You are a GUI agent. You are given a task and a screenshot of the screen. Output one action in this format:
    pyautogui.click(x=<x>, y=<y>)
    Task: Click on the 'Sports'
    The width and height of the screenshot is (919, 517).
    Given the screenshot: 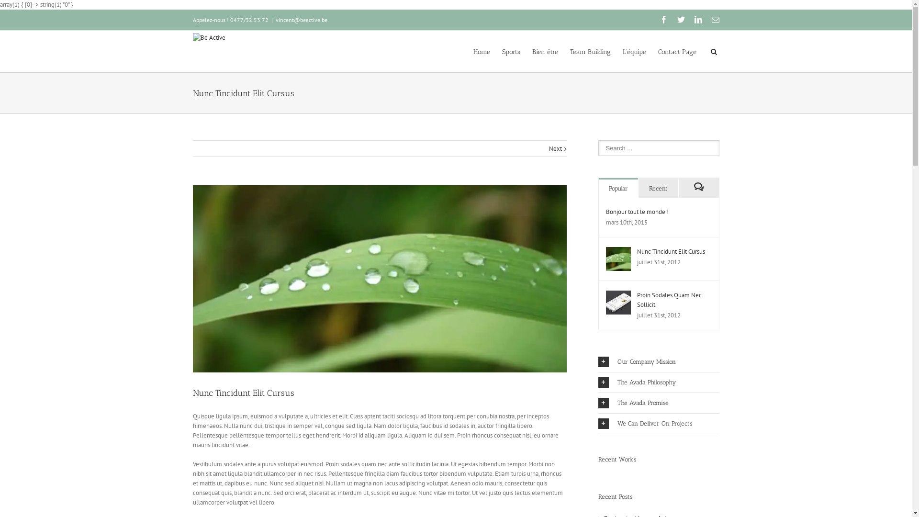 What is the action you would take?
    pyautogui.click(x=510, y=51)
    